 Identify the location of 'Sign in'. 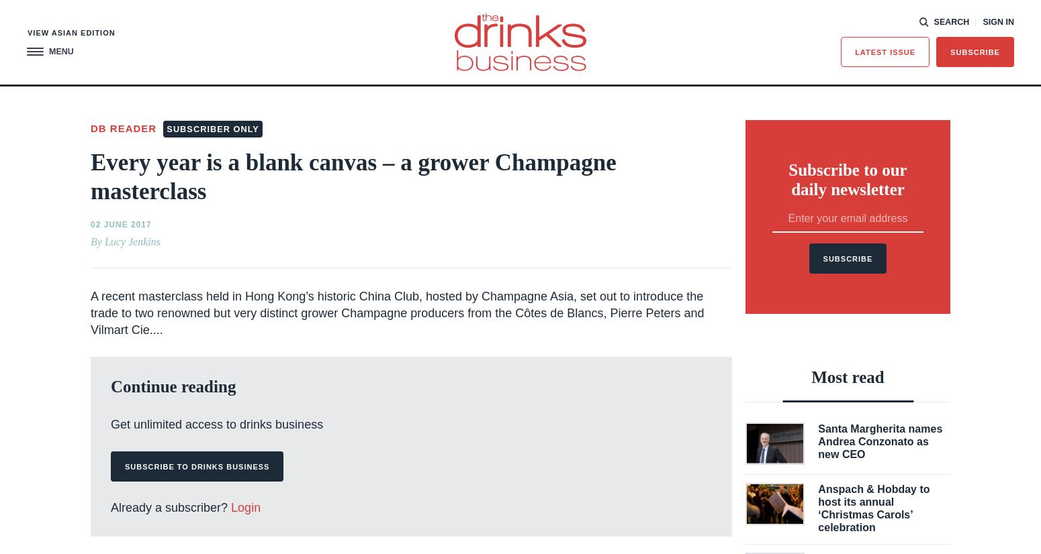
(982, 20).